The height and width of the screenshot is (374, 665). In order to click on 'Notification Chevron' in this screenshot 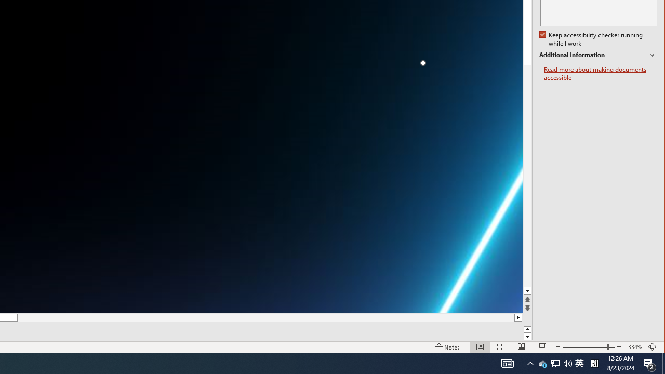, I will do `click(554, 363)`.